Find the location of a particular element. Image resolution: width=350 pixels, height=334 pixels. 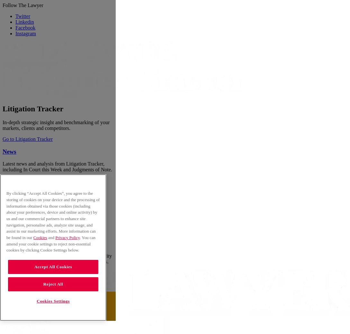

'Interrogate our database of structured Claims data from six courts since January 2020.' is located at coordinates (54, 197).